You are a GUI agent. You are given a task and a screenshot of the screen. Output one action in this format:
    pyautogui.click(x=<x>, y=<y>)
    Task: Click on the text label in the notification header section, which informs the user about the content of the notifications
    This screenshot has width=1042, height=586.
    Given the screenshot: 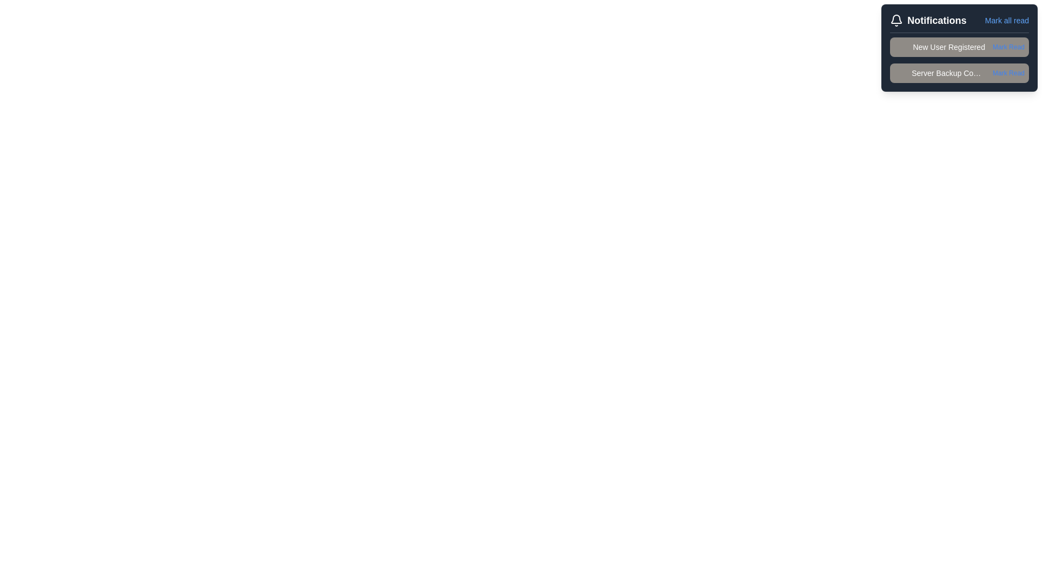 What is the action you would take?
    pyautogui.click(x=936, y=21)
    